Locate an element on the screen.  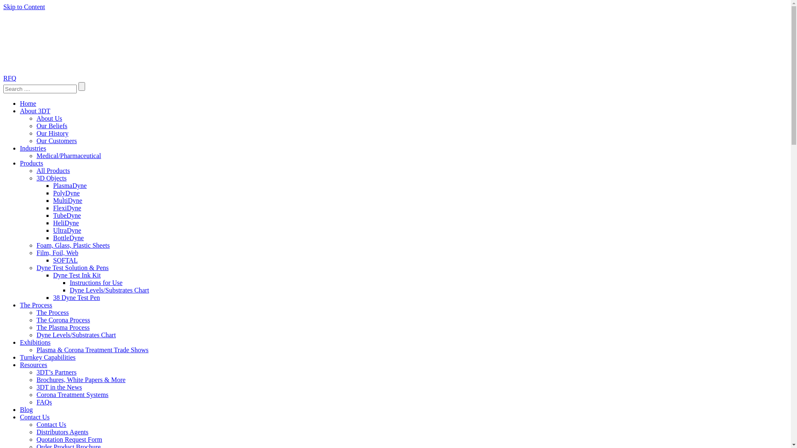
'All Products' is located at coordinates (53, 170).